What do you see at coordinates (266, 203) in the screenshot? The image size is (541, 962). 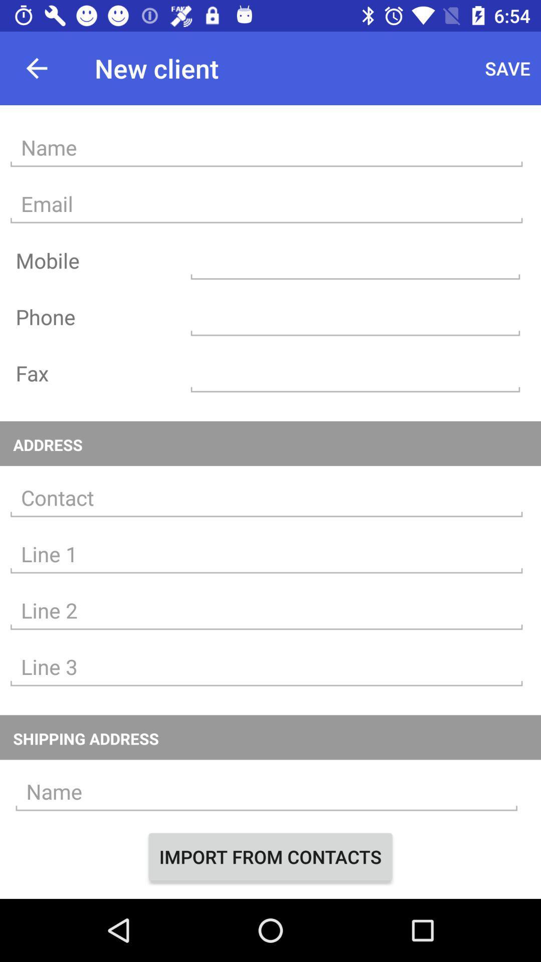 I see `item above mobile icon` at bounding box center [266, 203].